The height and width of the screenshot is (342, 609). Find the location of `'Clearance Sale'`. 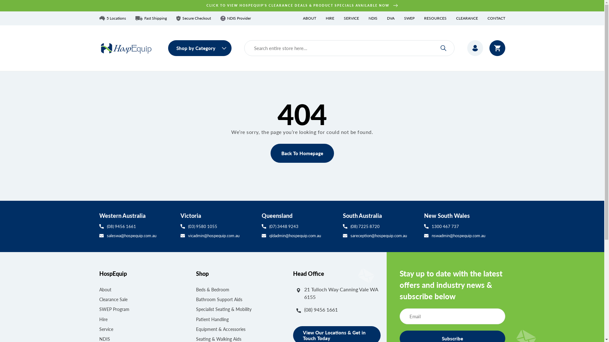

'Clearance Sale' is located at coordinates (113, 299).